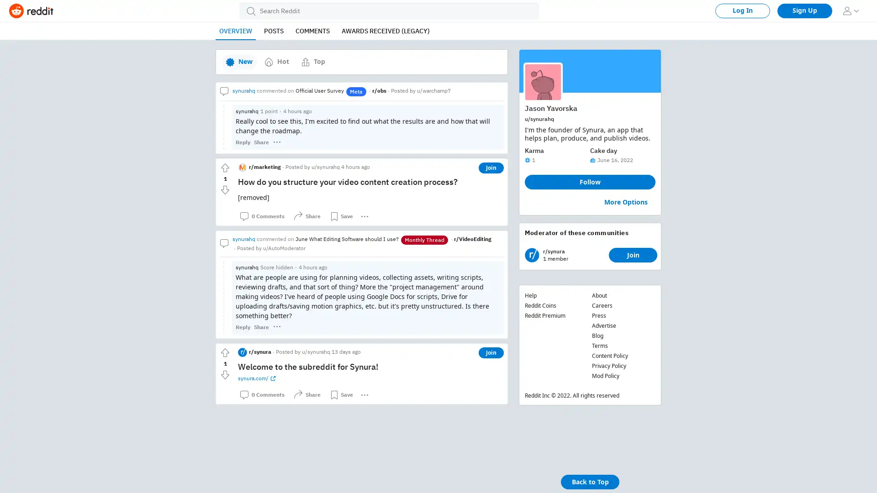 The image size is (877, 493). What do you see at coordinates (341, 394) in the screenshot?
I see `Save` at bounding box center [341, 394].